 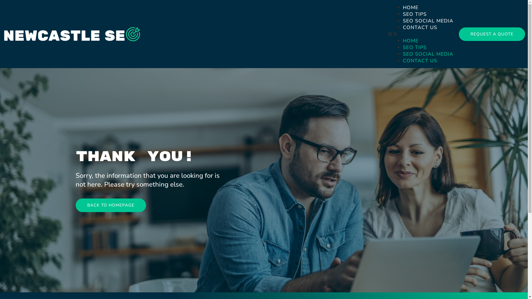 What do you see at coordinates (428, 20) in the screenshot?
I see `'SEO SOCIAL MEDIA'` at bounding box center [428, 20].